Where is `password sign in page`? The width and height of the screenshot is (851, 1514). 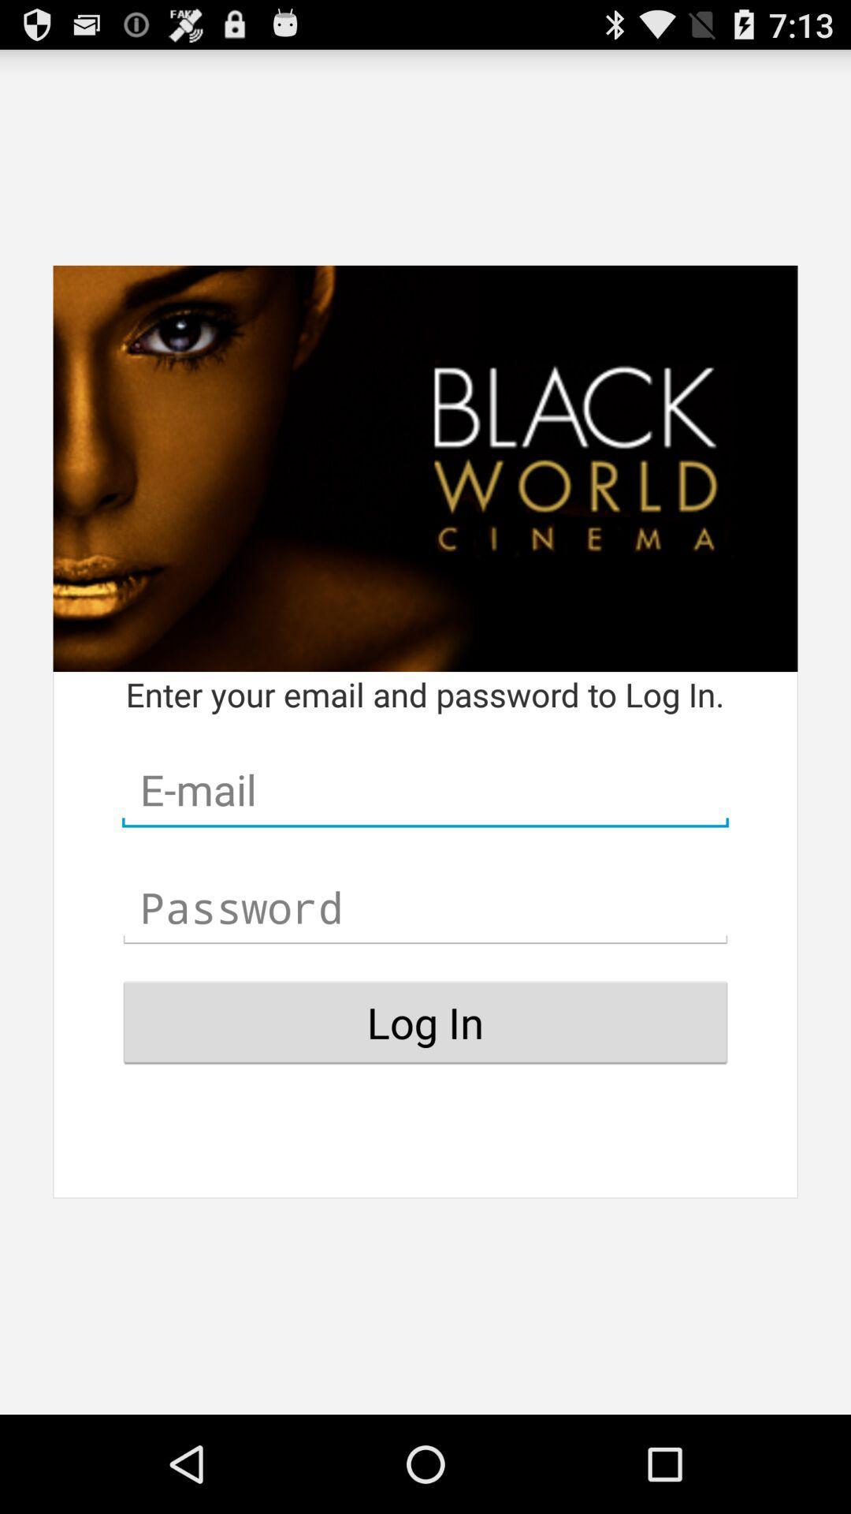 password sign in page is located at coordinates (425, 908).